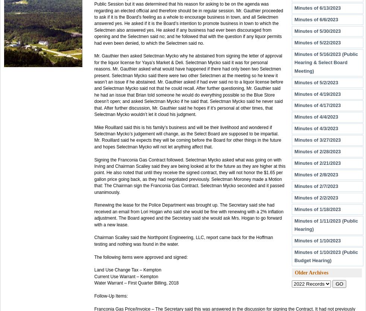  What do you see at coordinates (326, 224) in the screenshot?
I see `'Minutes of 1/11/2023 (Public Hearing)'` at bounding box center [326, 224].